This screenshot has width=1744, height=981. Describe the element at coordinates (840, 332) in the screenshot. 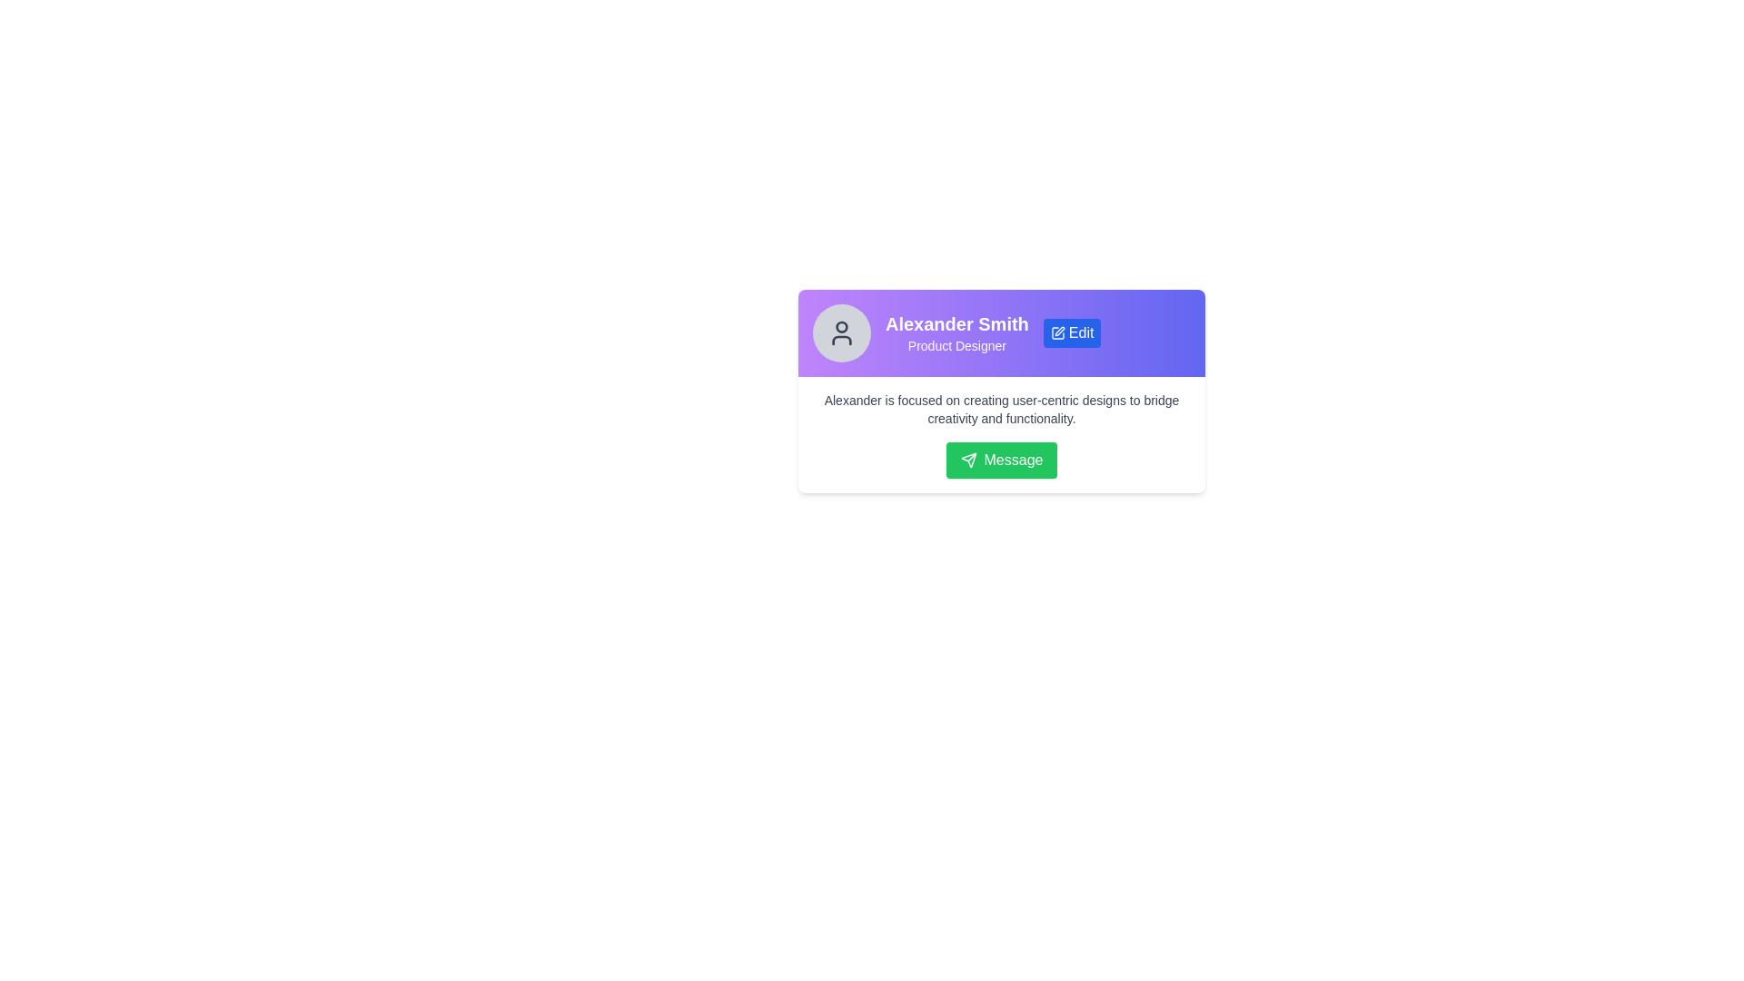

I see `the circular avatar placeholder with a user icon in the center, located in the header section before the text 'Alexander Smith'` at that location.